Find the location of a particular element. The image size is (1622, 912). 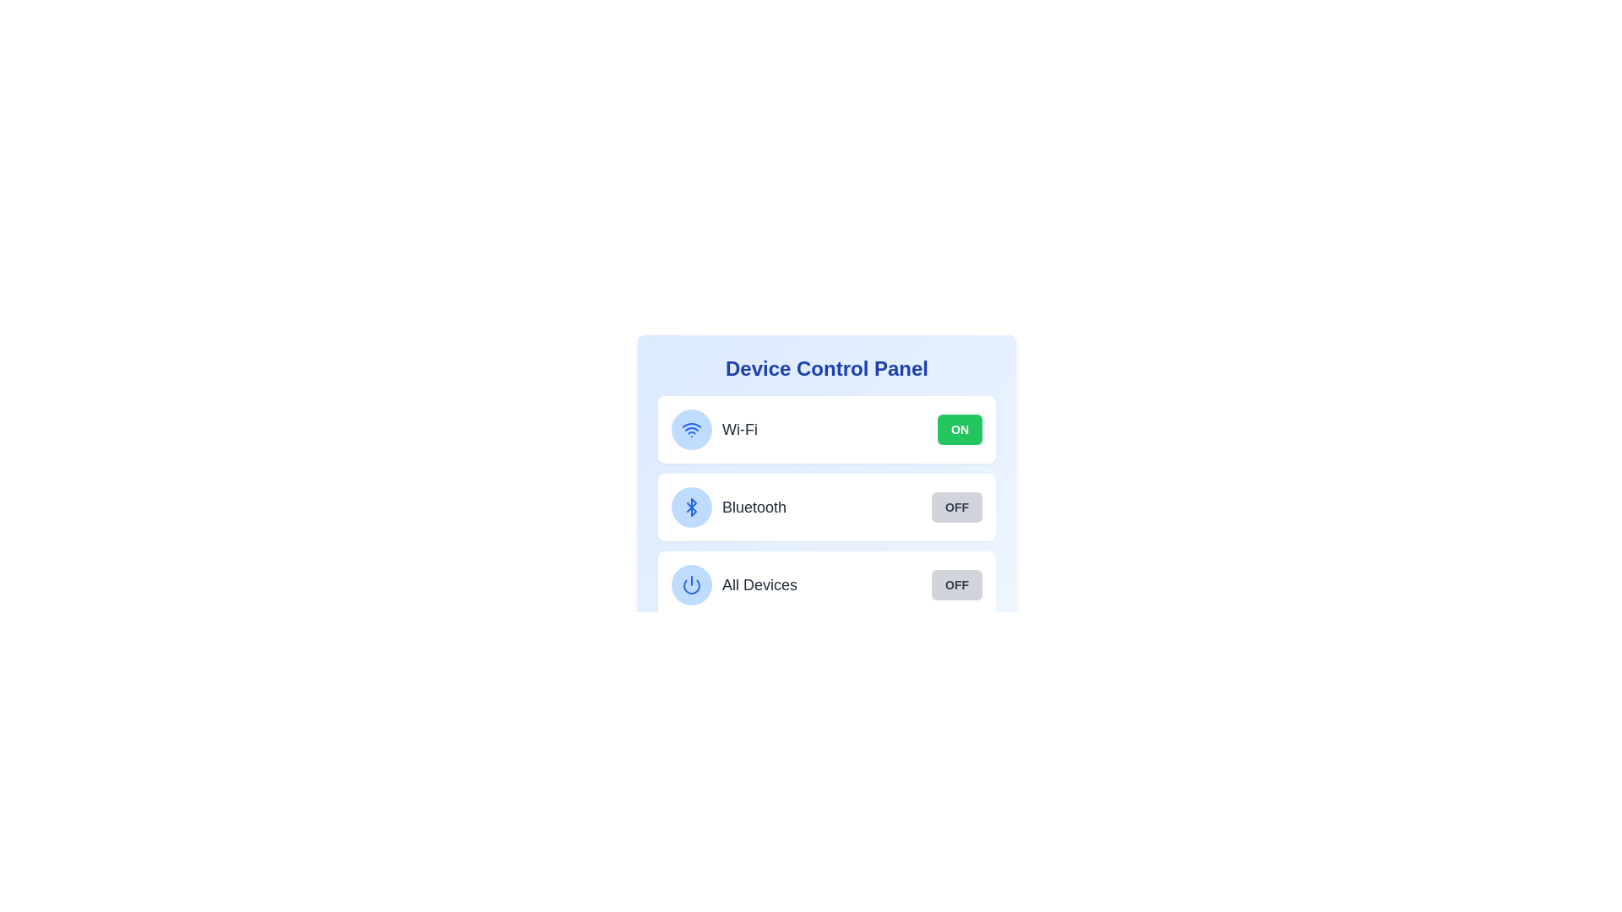

the Control card with a toggle button in the Device Control Panel section is located at coordinates (827, 584).